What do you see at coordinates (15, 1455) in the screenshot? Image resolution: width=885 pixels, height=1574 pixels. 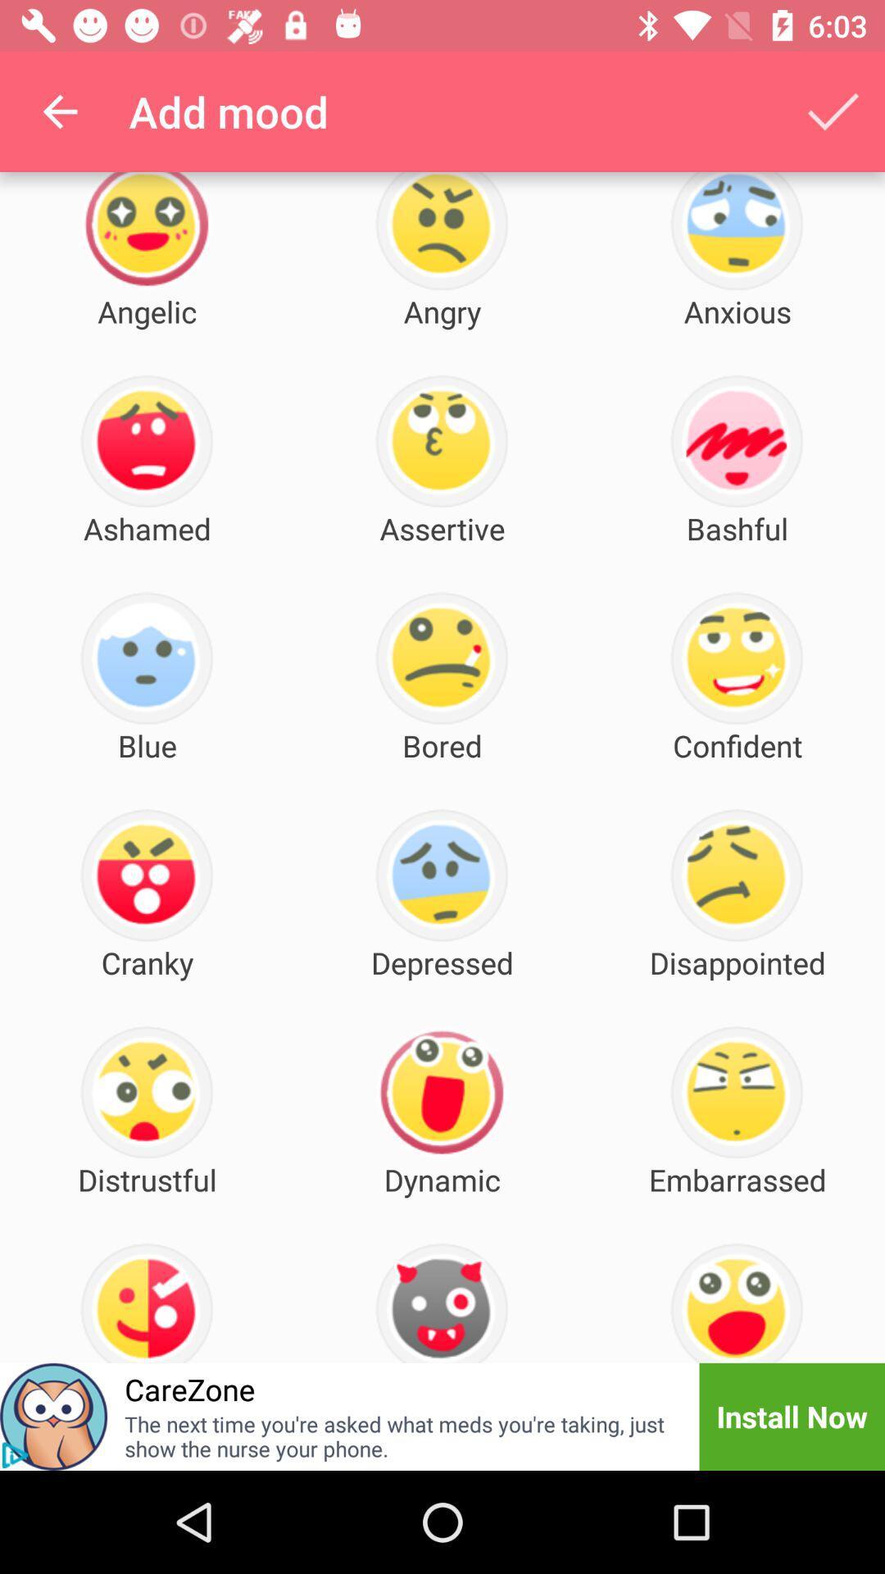 I see `the play icon` at bounding box center [15, 1455].